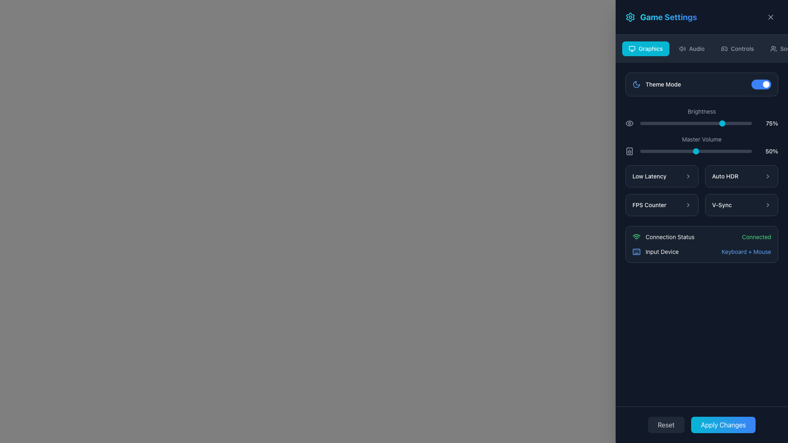 This screenshot has width=788, height=443. I want to click on the settings icon located to the left of the 'Game Settings' title, so click(630, 17).